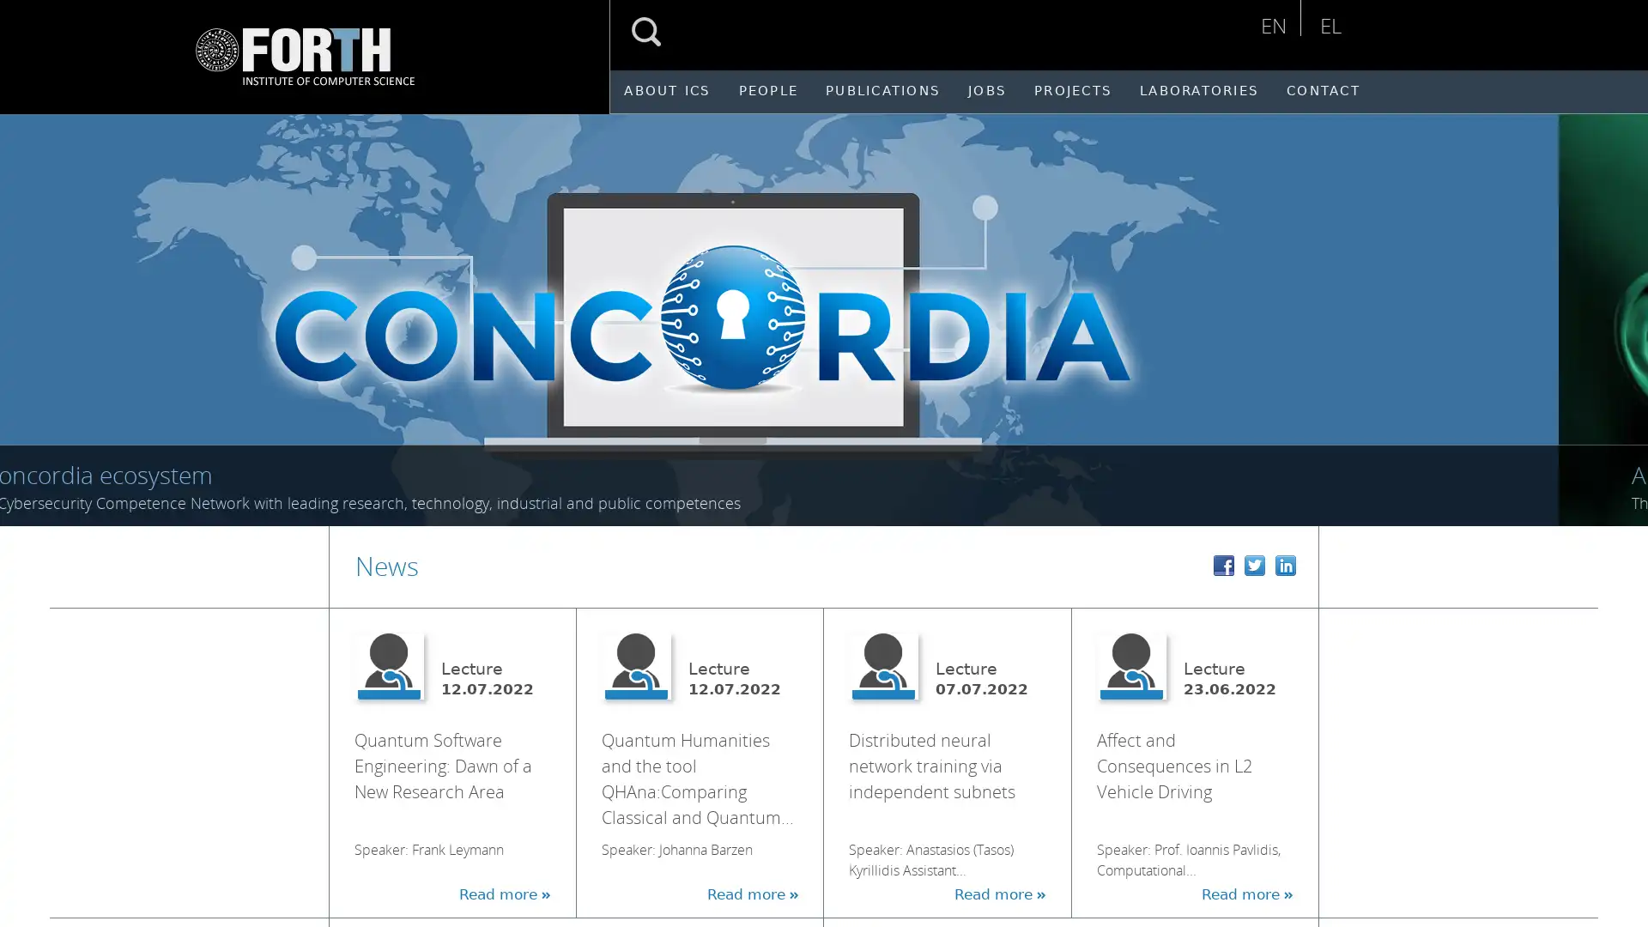 Image resolution: width=1648 pixels, height=927 pixels. I want to click on visit previous project, so click(33, 310).